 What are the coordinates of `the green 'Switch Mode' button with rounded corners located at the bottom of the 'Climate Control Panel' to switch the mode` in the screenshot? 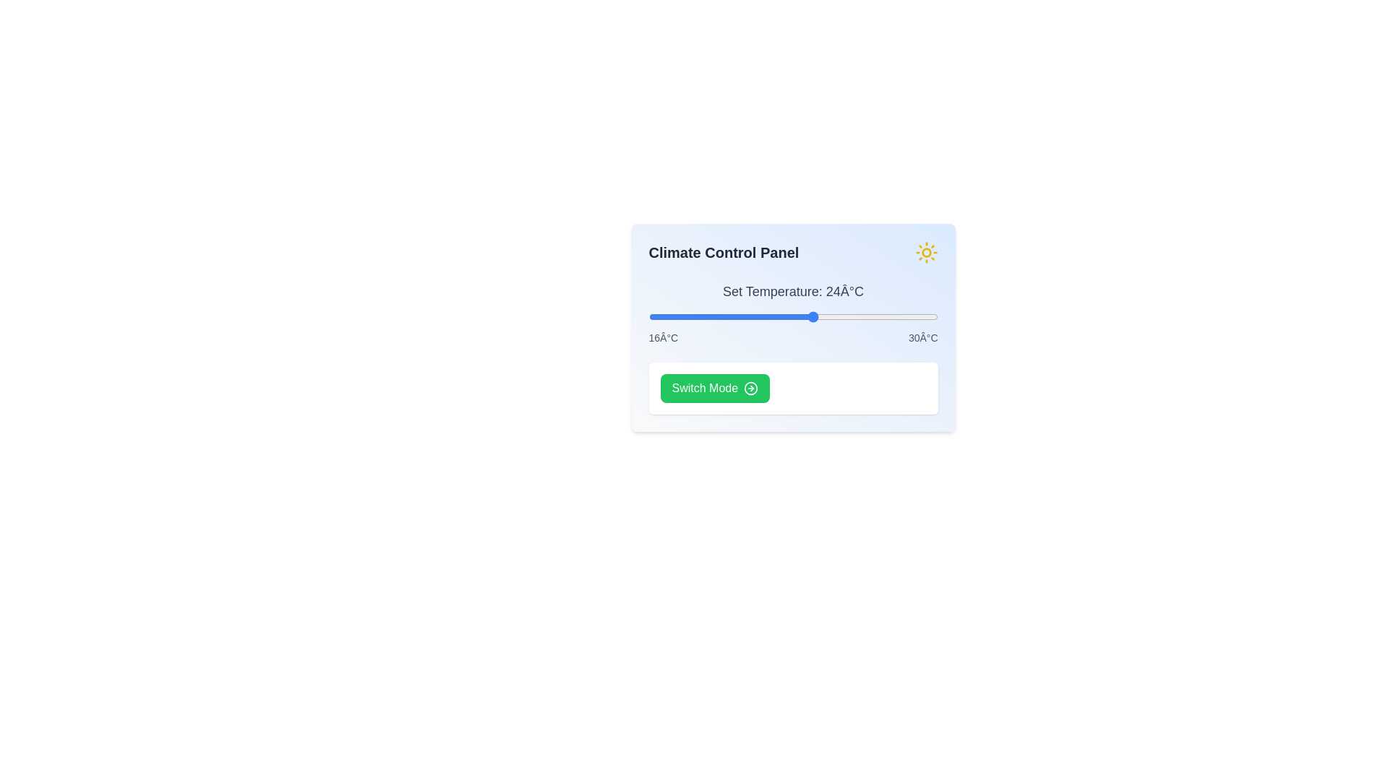 It's located at (715, 387).